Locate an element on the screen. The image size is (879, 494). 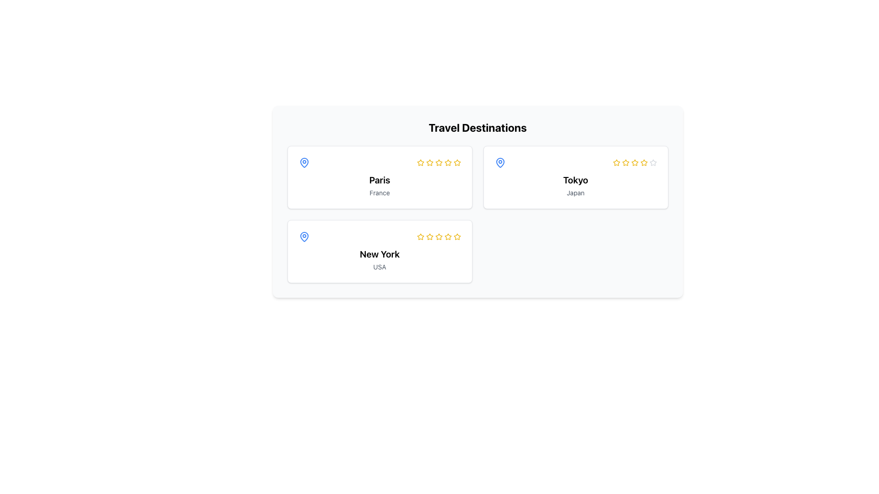
the 'New York' text label located in the bottom-left card of the grid layout labeled 'Travel Destinations' is located at coordinates (380, 254).